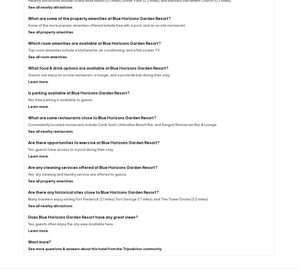 Image resolution: width=298 pixels, height=269 pixels. Describe the element at coordinates (118, 201) in the screenshot. I see `'Many travelers enjoy visiting Fort Frederick (2.1 miles), Fort George (1.7 miles), and The Tower Estate (3.0 miles).'` at that location.